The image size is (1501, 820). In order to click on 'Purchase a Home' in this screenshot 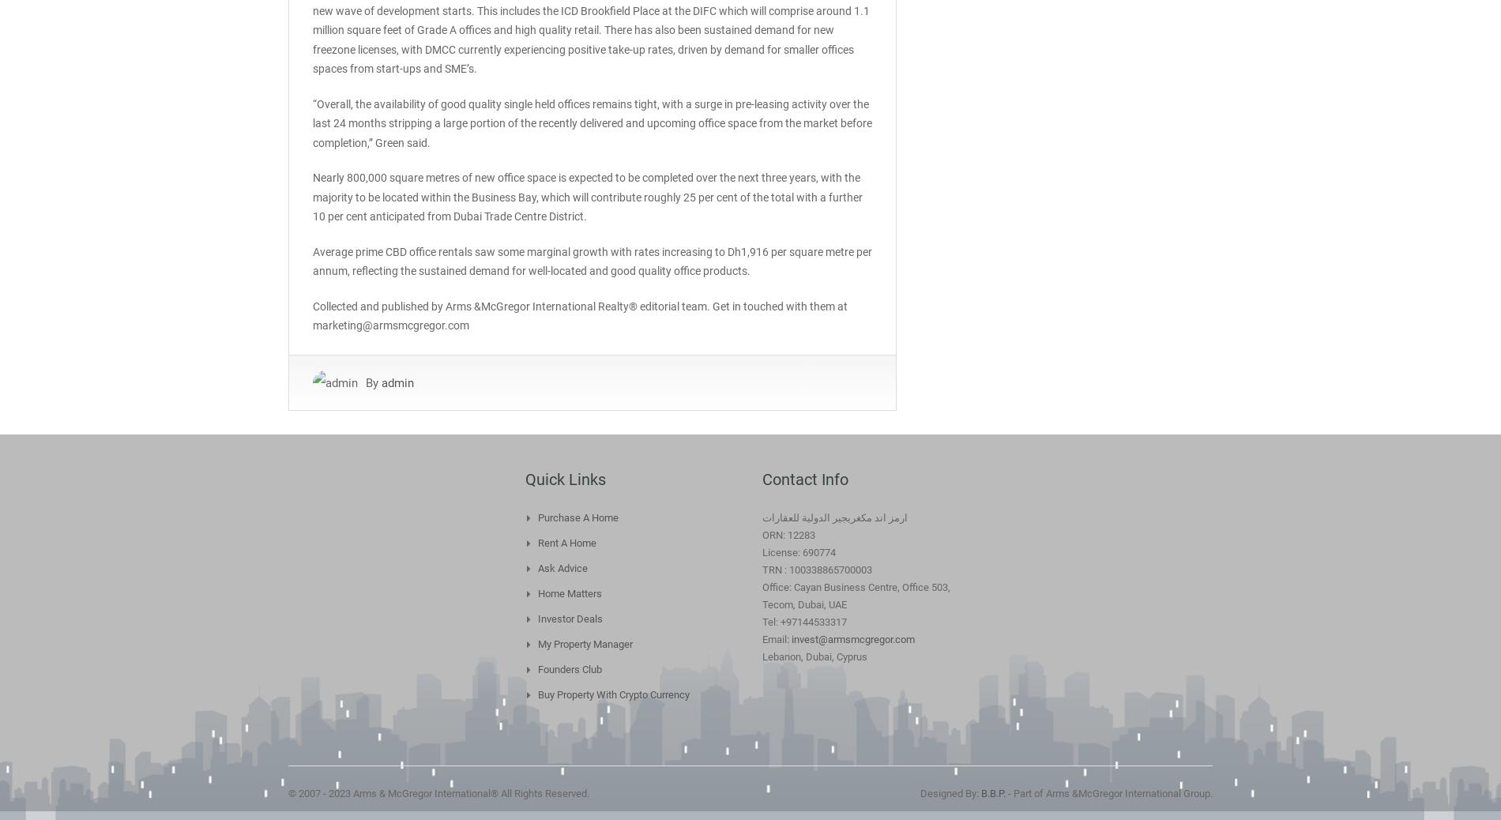, I will do `click(577, 516)`.